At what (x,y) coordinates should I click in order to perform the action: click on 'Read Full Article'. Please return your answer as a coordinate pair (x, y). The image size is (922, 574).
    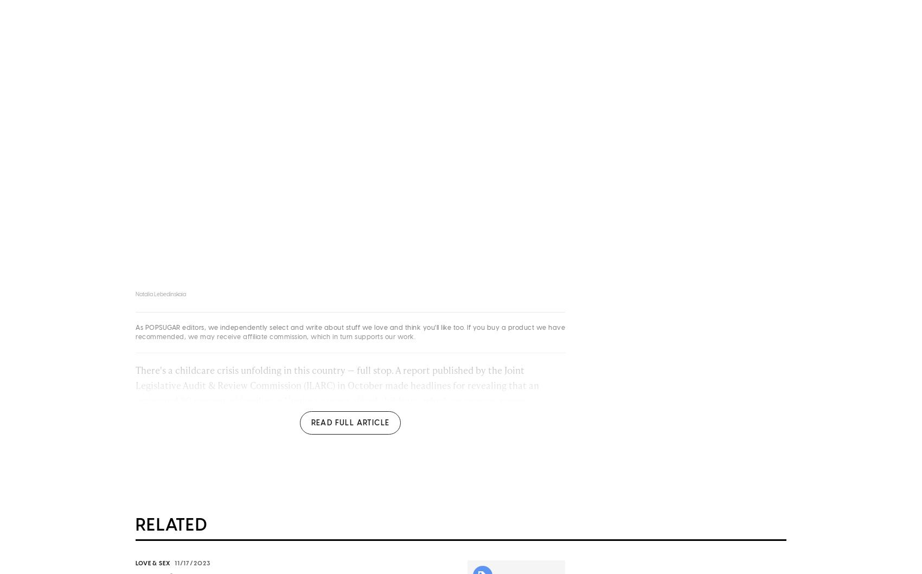
    Looking at the image, I should click on (350, 425).